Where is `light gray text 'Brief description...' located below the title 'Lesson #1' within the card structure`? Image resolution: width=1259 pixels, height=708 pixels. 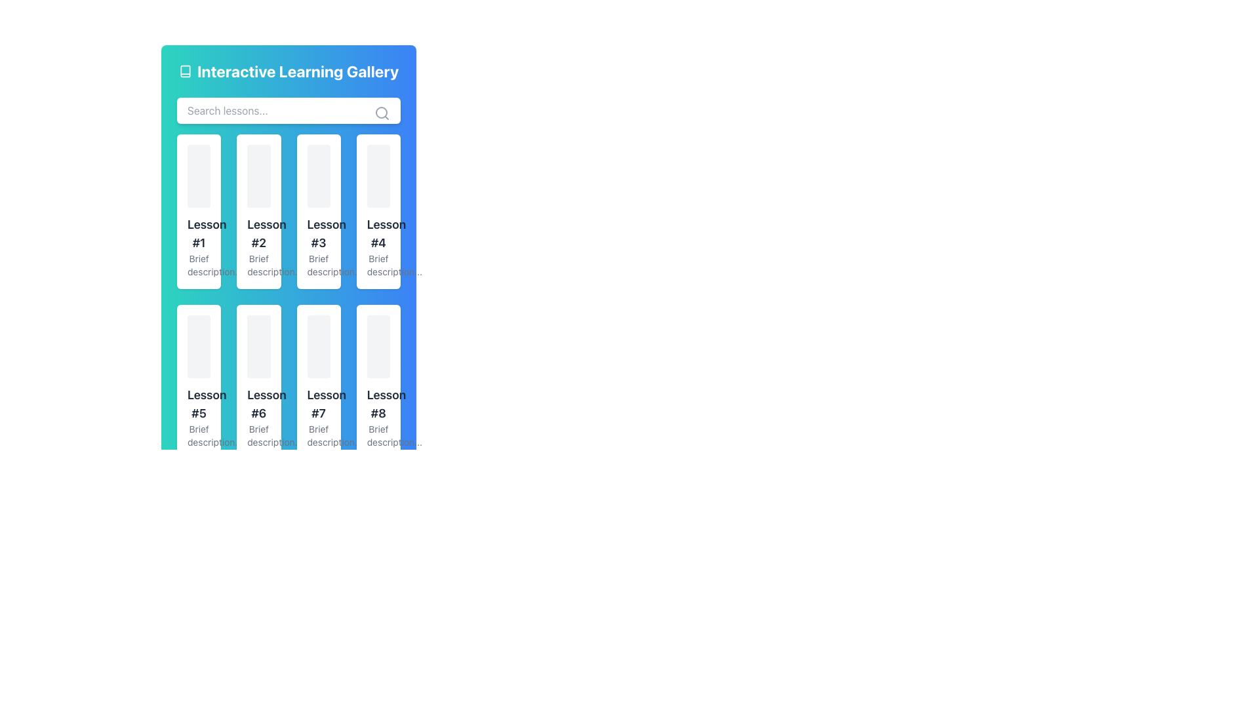
light gray text 'Brief description...' located below the title 'Lesson #1' within the card structure is located at coordinates (198, 265).